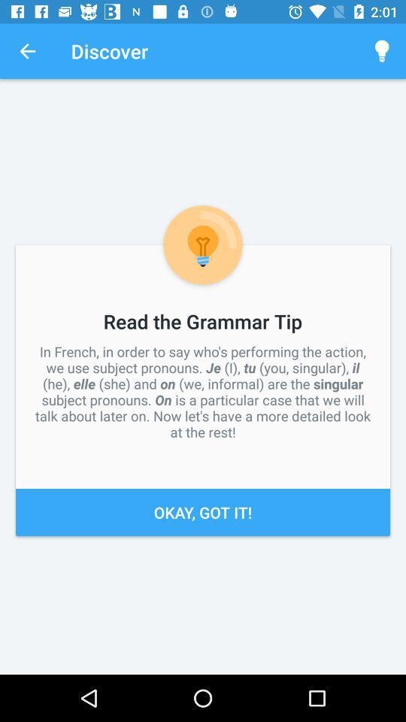 Image resolution: width=406 pixels, height=722 pixels. What do you see at coordinates (203, 512) in the screenshot?
I see `the item below the in french in item` at bounding box center [203, 512].